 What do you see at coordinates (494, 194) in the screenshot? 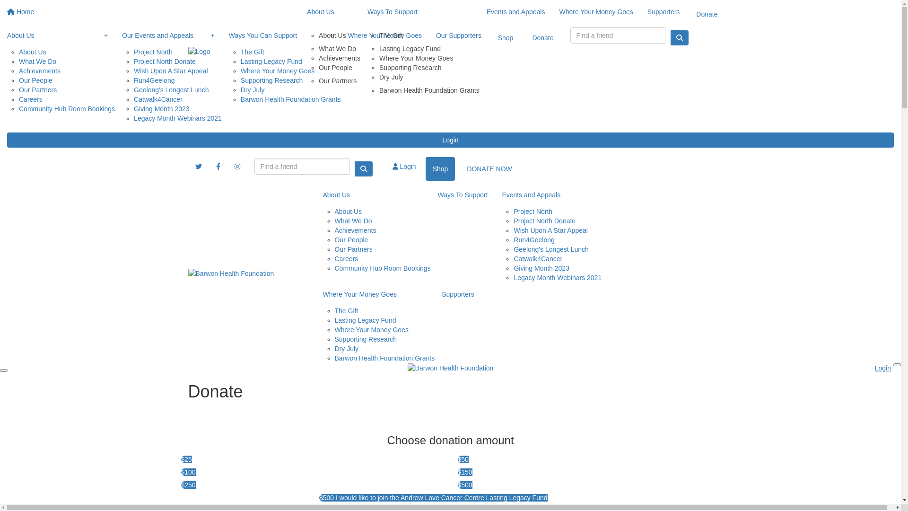
I see `'Events and Appeals'` at bounding box center [494, 194].